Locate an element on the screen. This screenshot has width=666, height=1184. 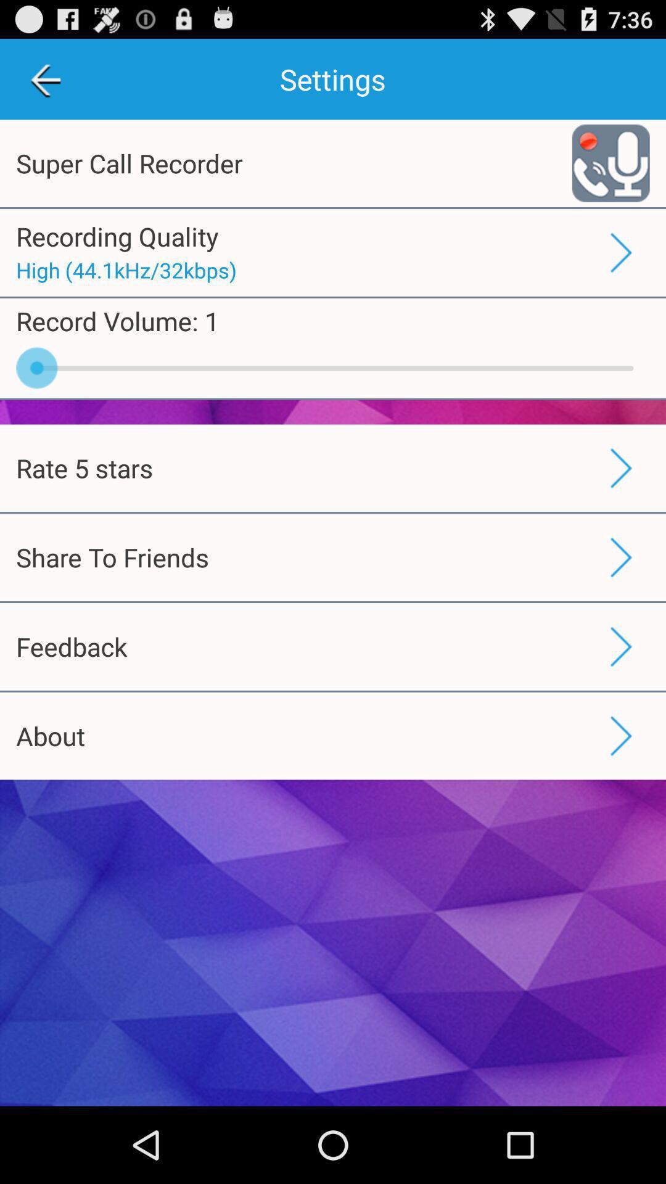
the icon above super call recorder app is located at coordinates (44, 78).